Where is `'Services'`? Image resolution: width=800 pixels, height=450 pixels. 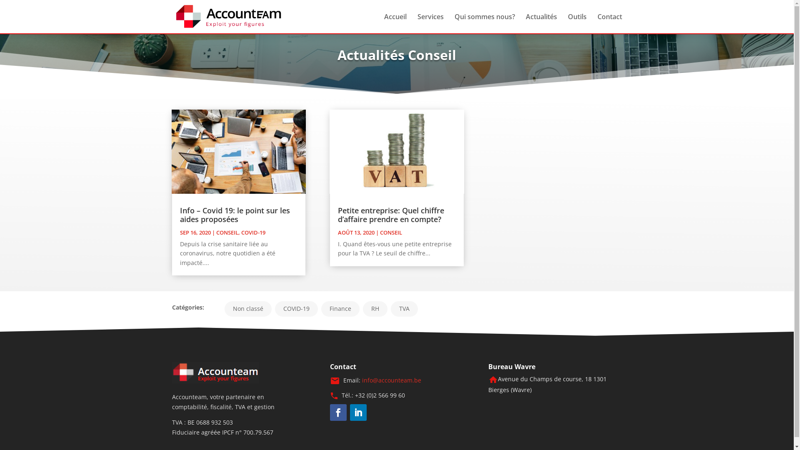
'Services' is located at coordinates (430, 23).